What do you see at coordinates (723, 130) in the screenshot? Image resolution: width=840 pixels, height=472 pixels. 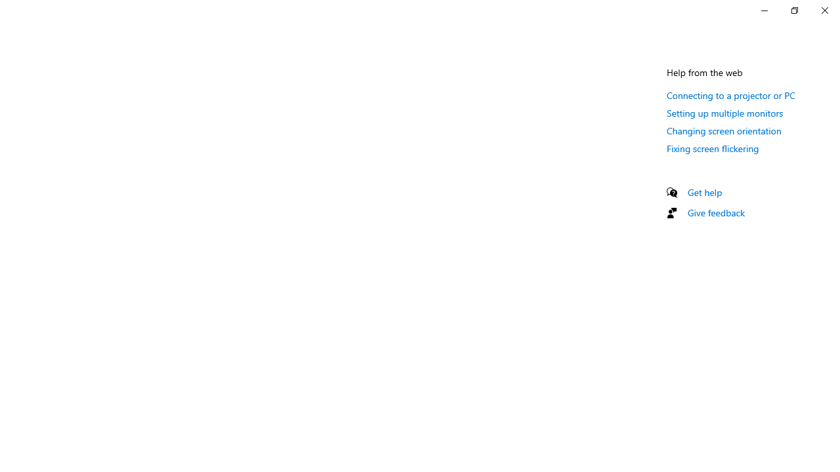 I see `'Changing screen orientation'` at bounding box center [723, 130].